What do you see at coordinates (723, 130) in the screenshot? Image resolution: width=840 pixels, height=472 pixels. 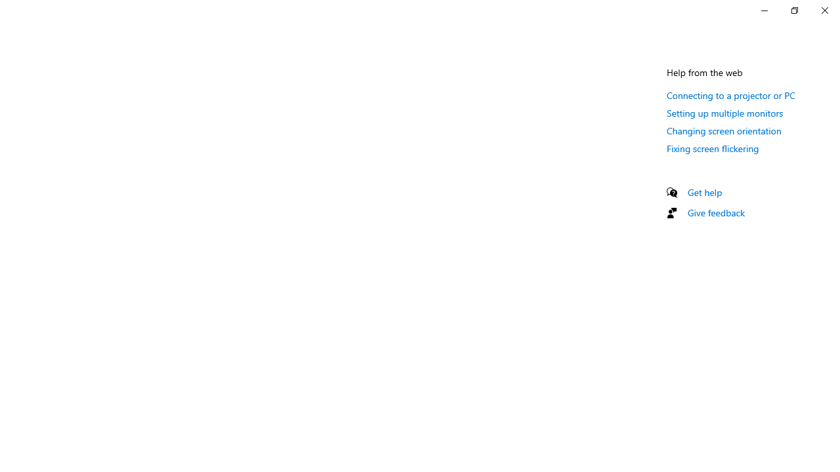 I see `'Changing screen orientation'` at bounding box center [723, 130].